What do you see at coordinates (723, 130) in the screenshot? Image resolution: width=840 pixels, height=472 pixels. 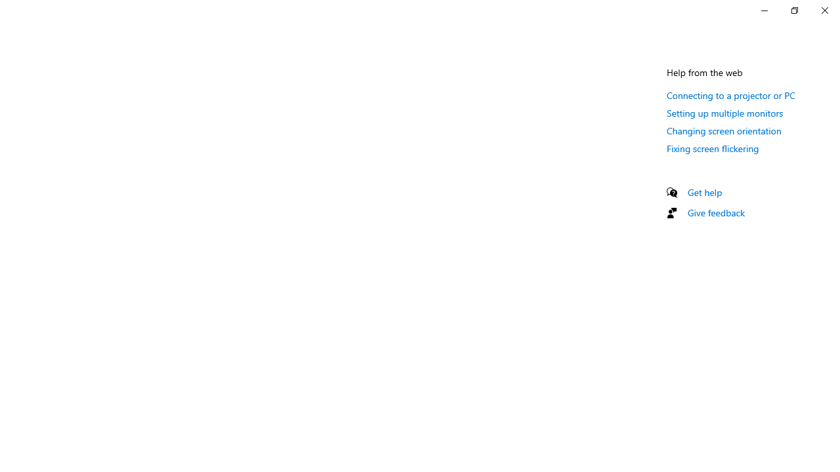 I see `'Changing screen orientation'` at bounding box center [723, 130].